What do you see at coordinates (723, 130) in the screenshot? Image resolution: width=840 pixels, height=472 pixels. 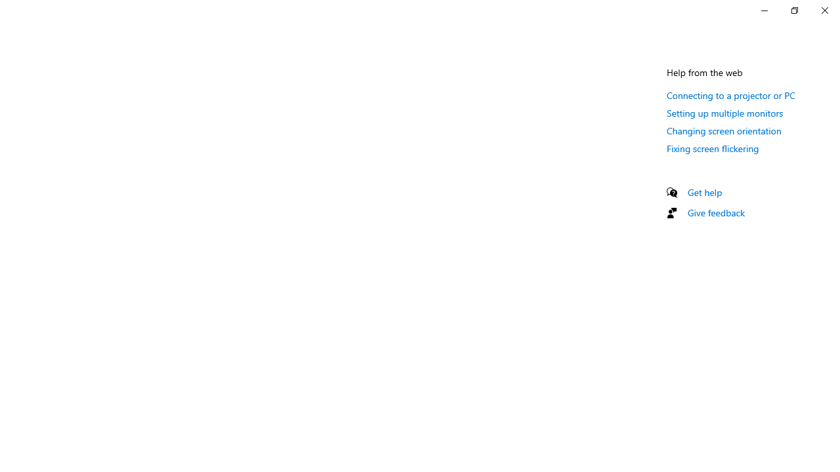 I see `'Changing screen orientation'` at bounding box center [723, 130].